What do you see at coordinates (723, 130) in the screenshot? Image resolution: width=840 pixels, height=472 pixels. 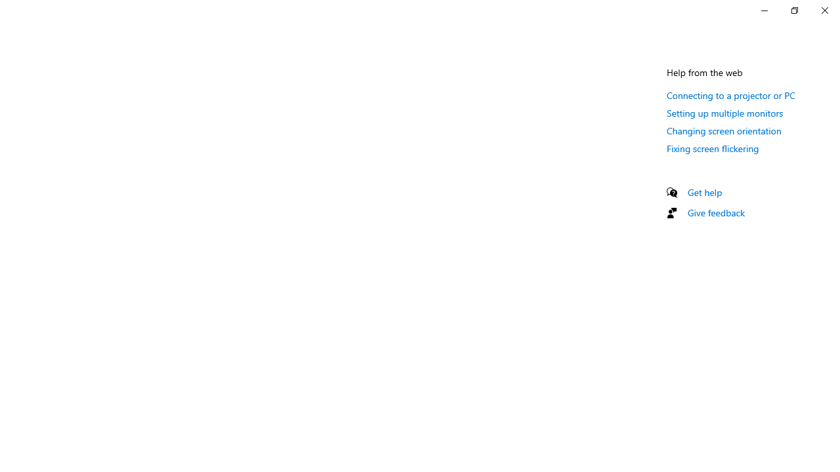 I see `'Changing screen orientation'` at bounding box center [723, 130].